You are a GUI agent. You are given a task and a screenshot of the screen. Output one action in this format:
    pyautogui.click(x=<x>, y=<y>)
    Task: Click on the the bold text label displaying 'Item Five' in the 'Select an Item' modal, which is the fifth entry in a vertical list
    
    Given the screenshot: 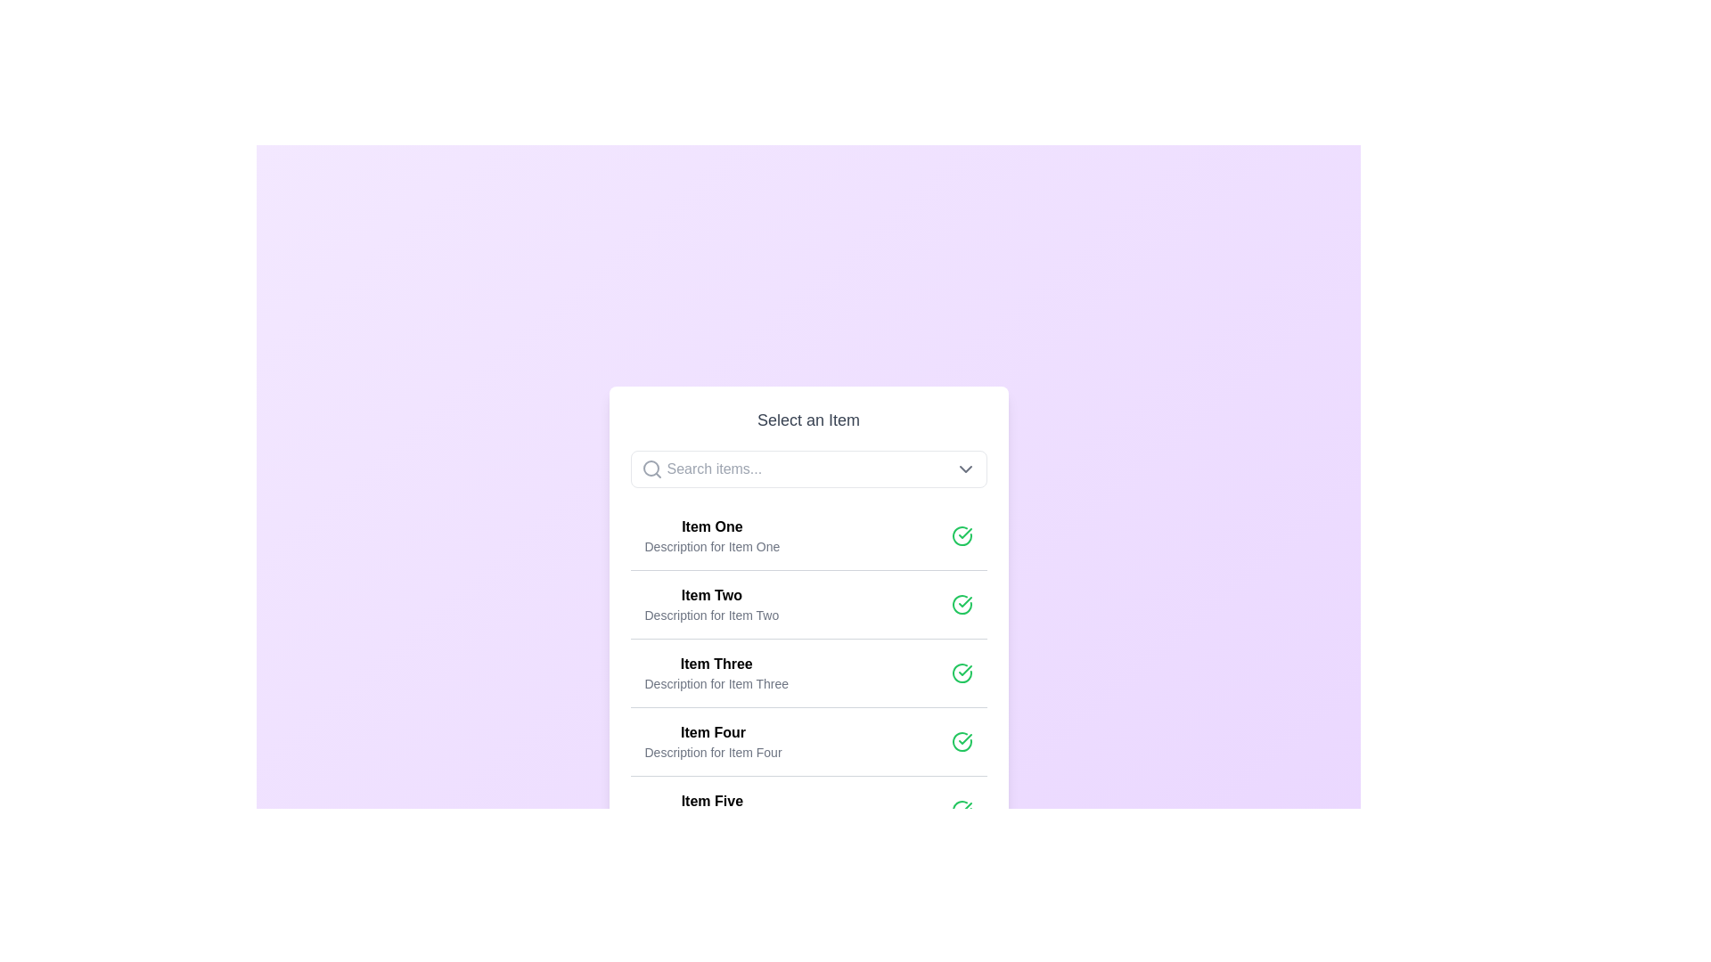 What is the action you would take?
    pyautogui.click(x=711, y=800)
    